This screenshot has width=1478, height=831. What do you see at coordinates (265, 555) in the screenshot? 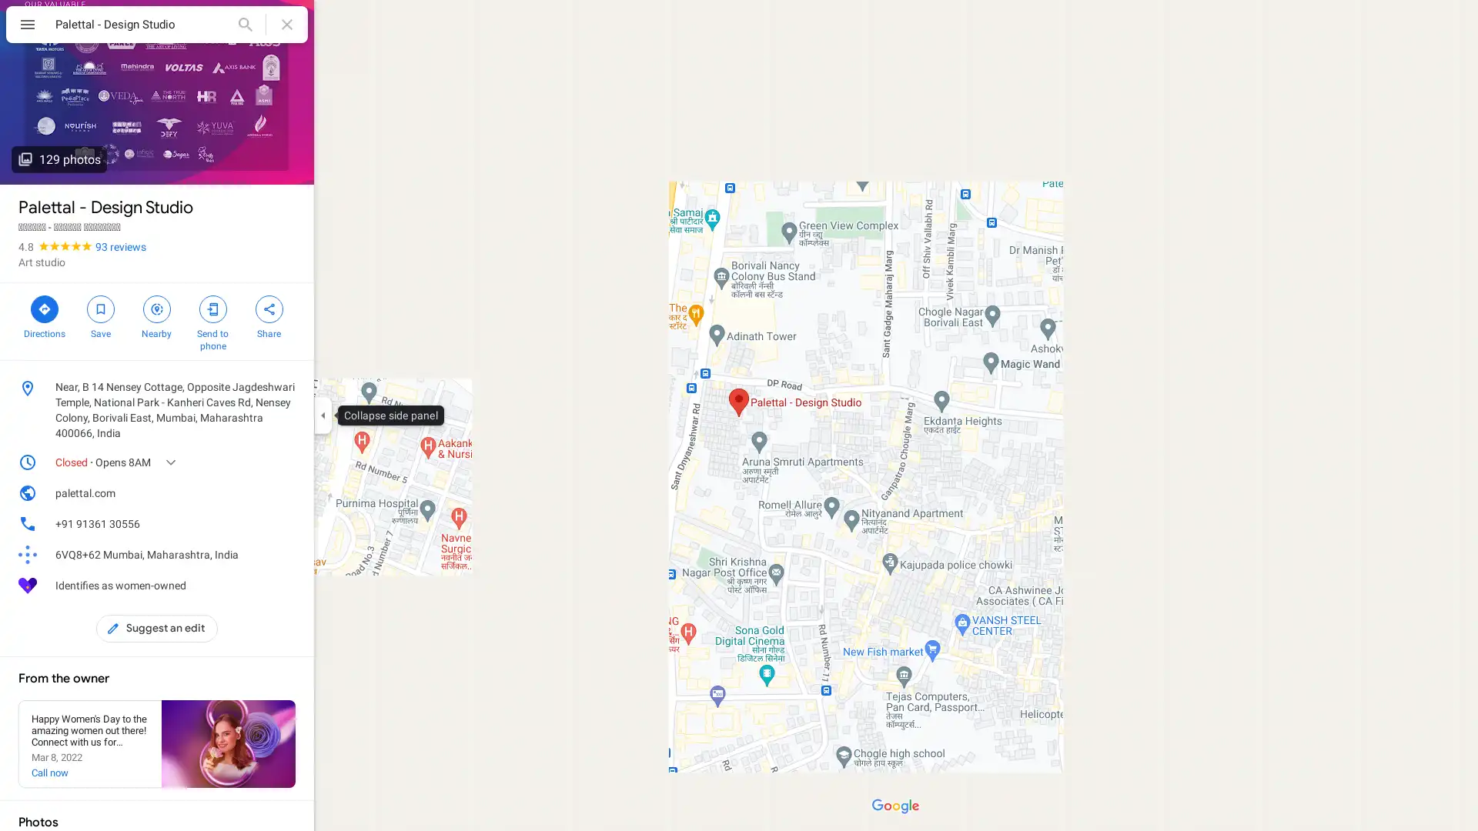
I see `Copy plus code` at bounding box center [265, 555].